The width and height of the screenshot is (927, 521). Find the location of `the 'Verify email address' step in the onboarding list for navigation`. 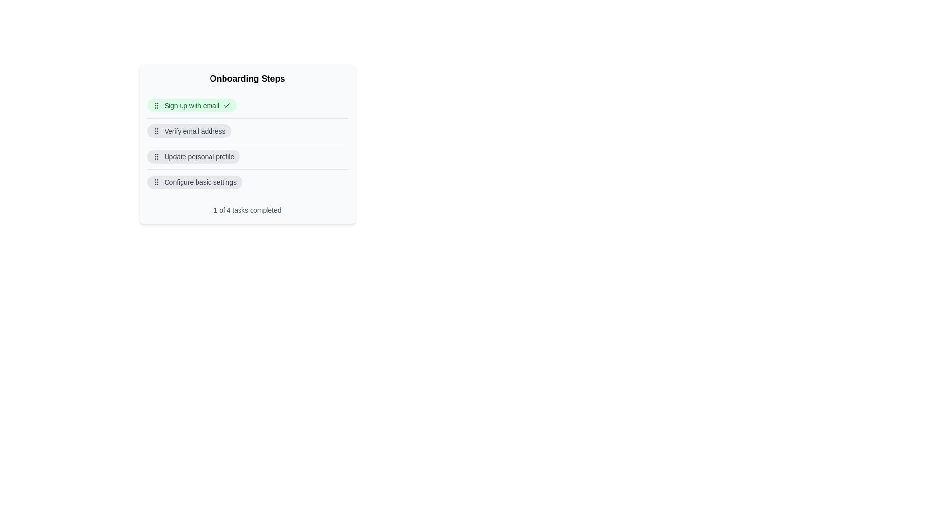

the 'Verify email address' step in the onboarding list for navigation is located at coordinates (194, 131).